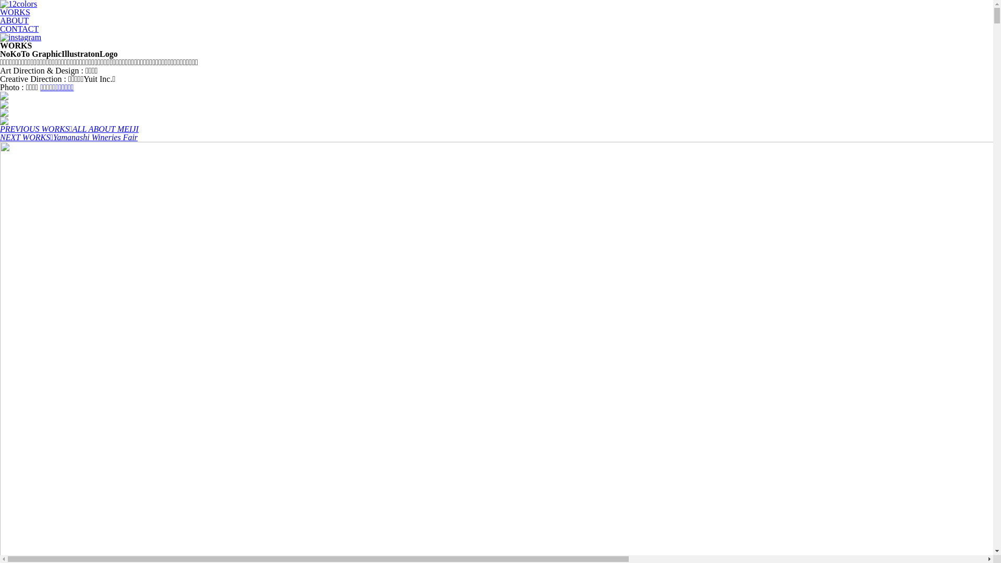  I want to click on 'CONTACT', so click(0, 28).